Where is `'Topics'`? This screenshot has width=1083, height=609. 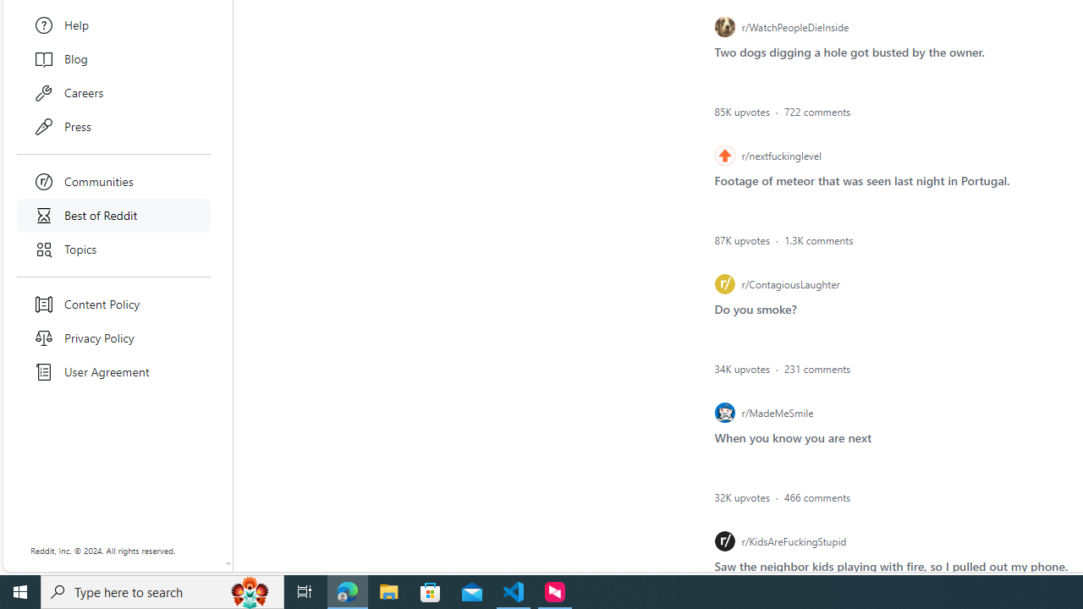
'Topics' is located at coordinates (113, 250).